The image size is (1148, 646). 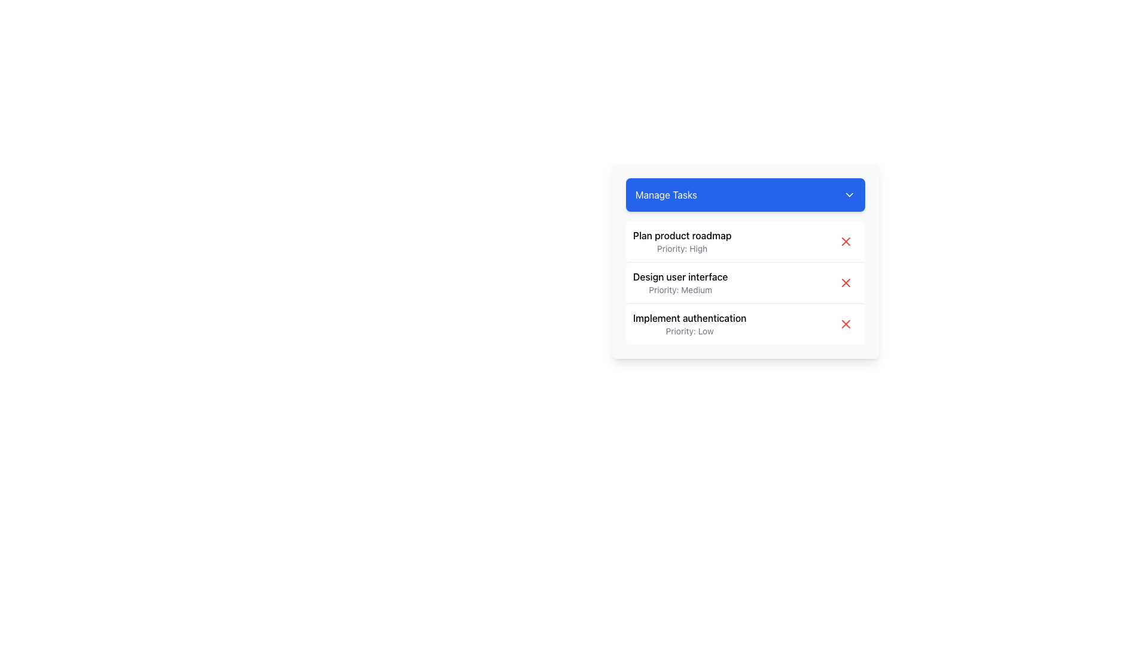 What do you see at coordinates (845, 324) in the screenshot?
I see `the delete button, which is the third 'X' icon in the vertically arranged list within the task management panel` at bounding box center [845, 324].